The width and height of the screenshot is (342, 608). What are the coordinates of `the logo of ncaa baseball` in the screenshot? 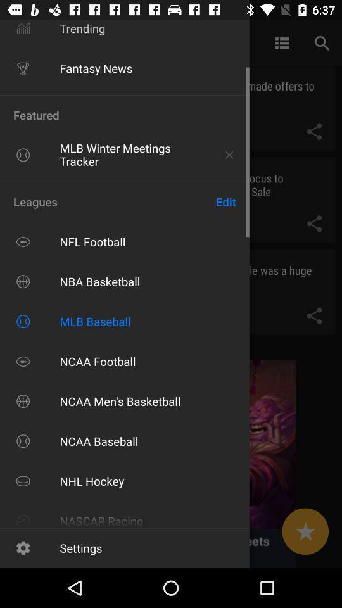 It's located at (23, 441).